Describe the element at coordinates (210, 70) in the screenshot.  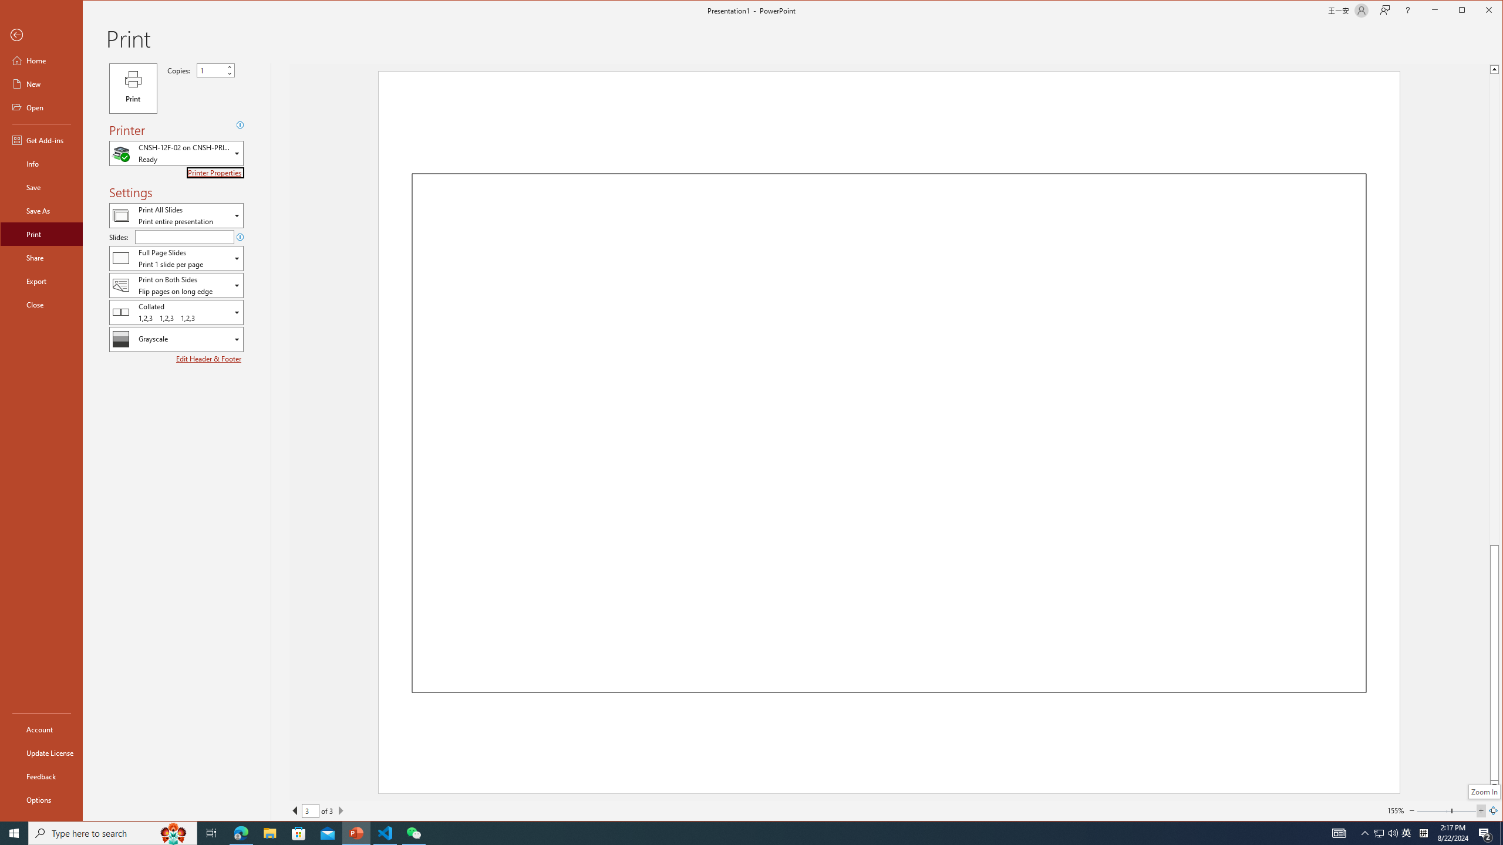
I see `'Copies'` at that location.